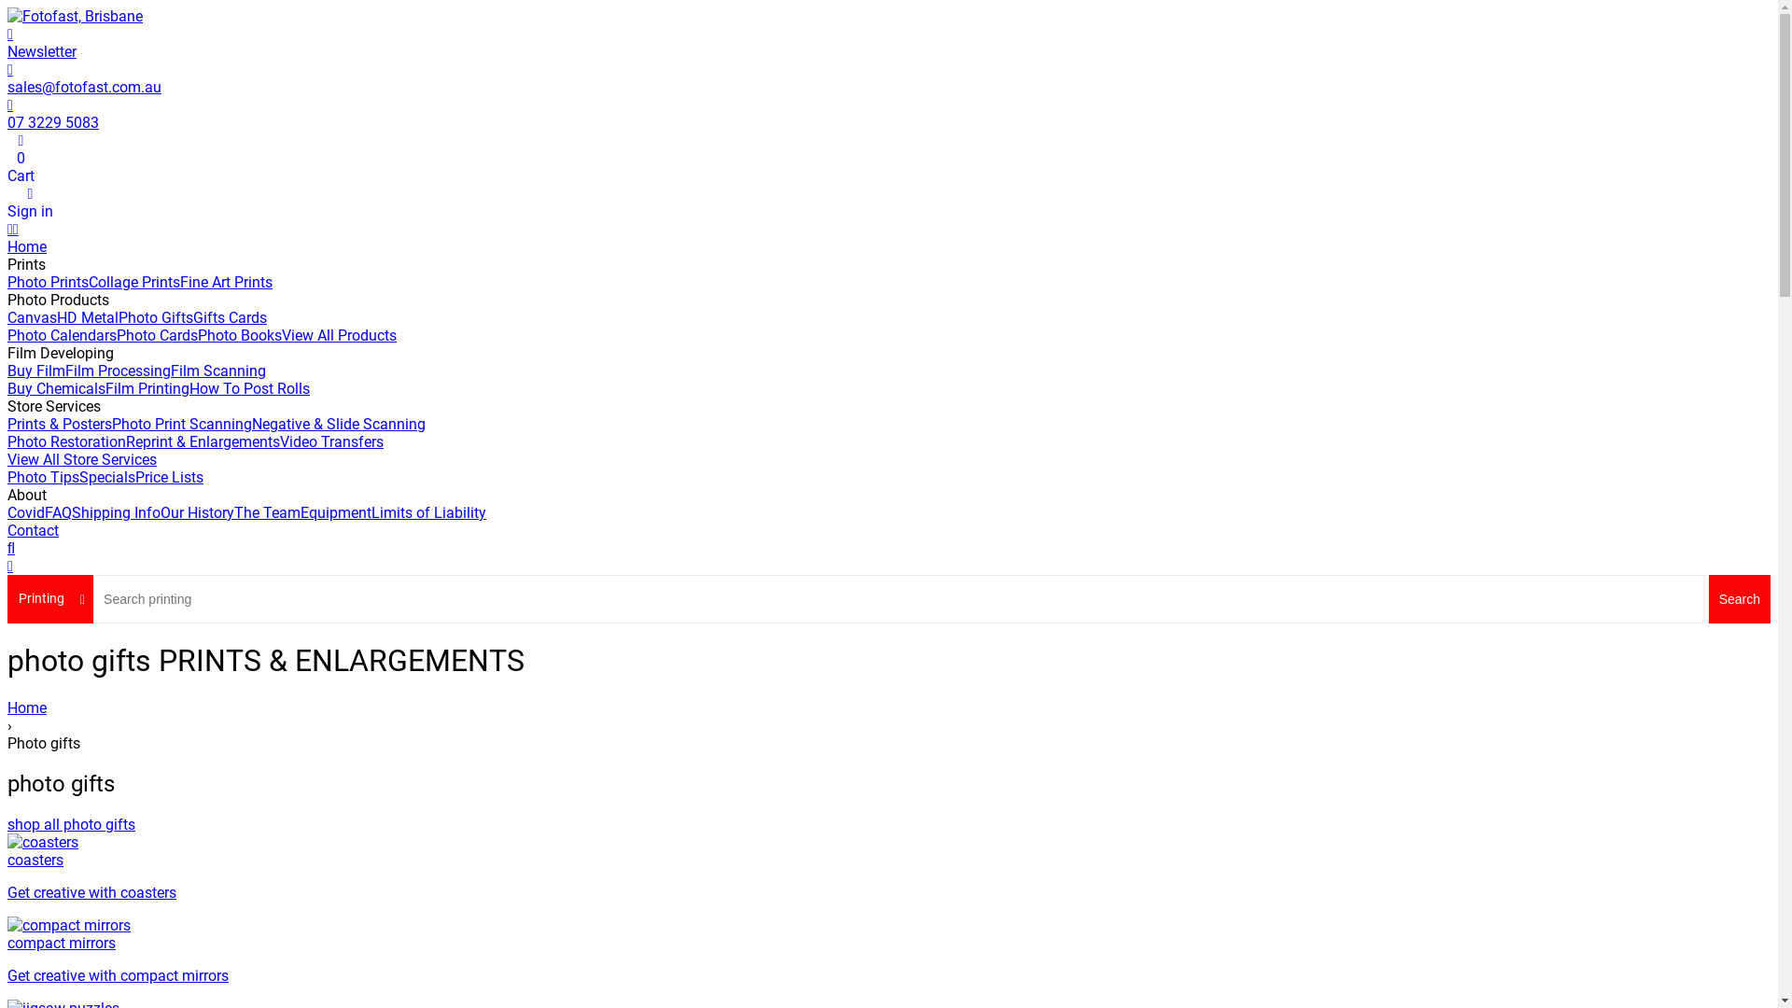  Describe the element at coordinates (111, 424) in the screenshot. I see `'Photo Print Scanning'` at that location.